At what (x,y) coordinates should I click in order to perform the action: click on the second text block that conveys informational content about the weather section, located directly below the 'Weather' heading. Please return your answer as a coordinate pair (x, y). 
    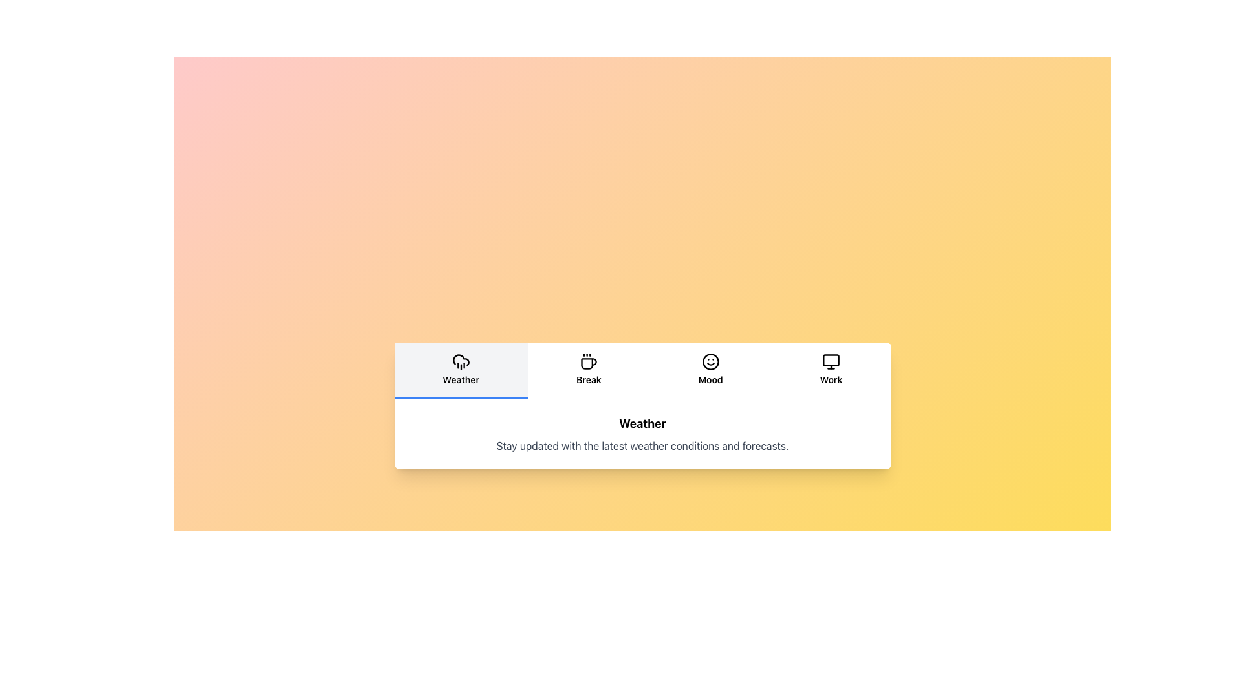
    Looking at the image, I should click on (642, 445).